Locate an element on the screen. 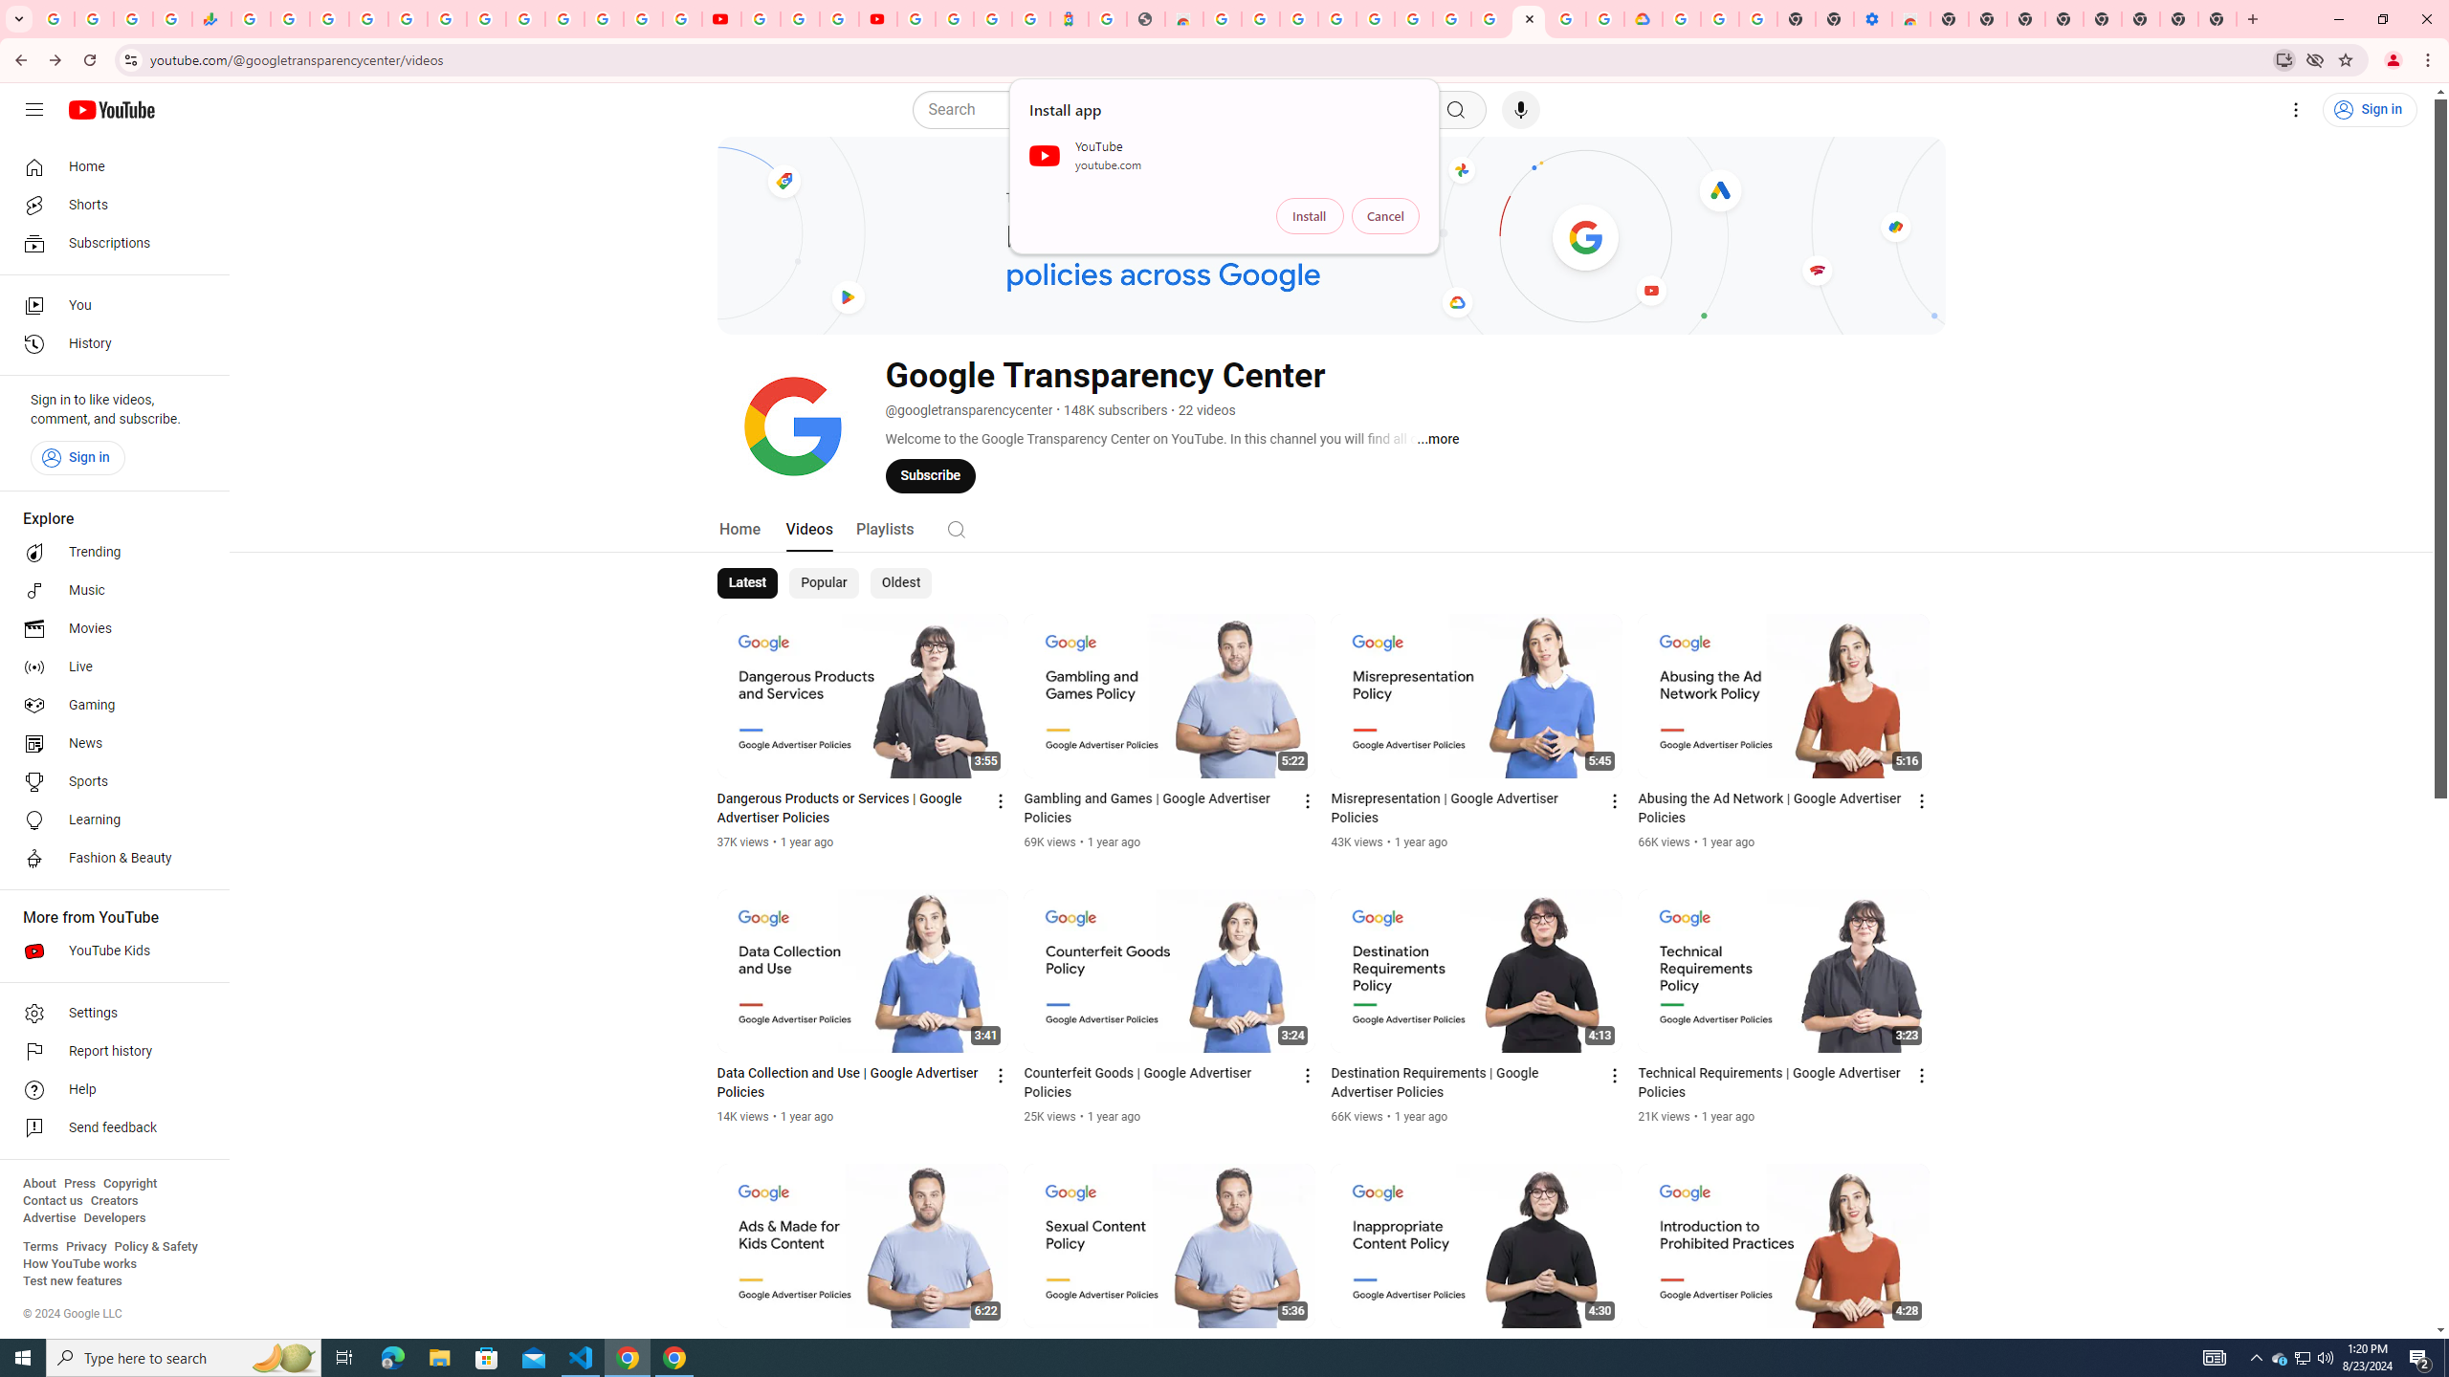 The height and width of the screenshot is (1377, 2449). 'History' is located at coordinates (108, 344).